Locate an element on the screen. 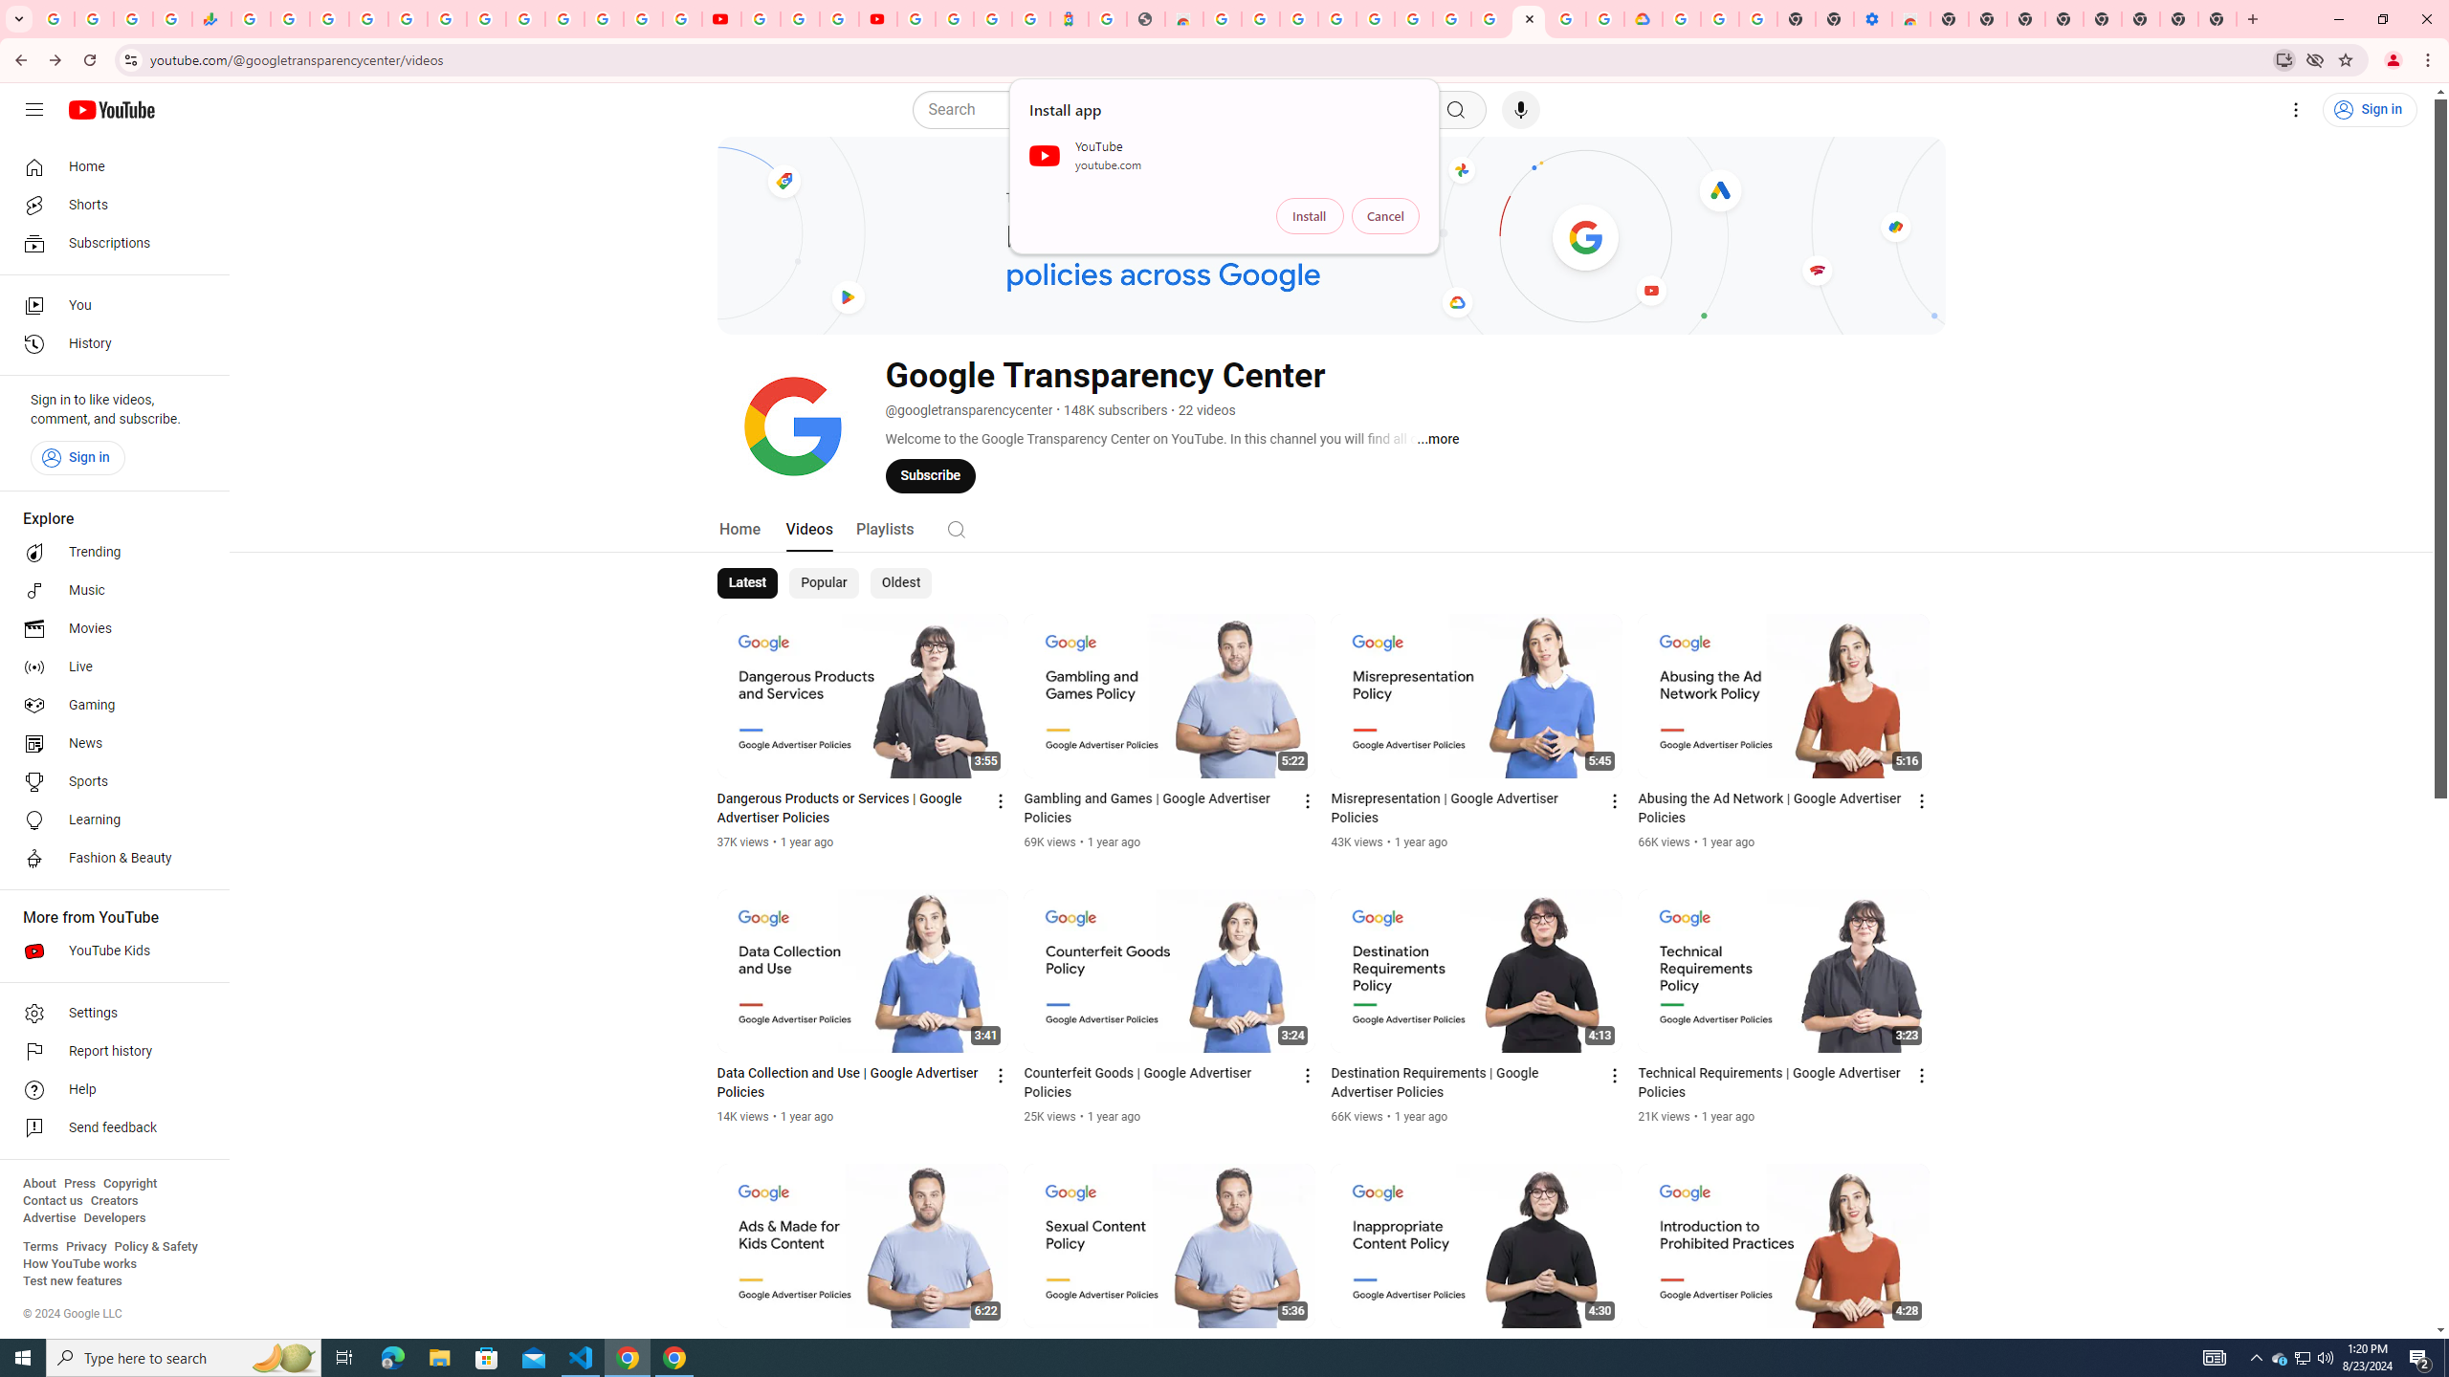 The height and width of the screenshot is (1377, 2449). 'History' is located at coordinates (108, 344).